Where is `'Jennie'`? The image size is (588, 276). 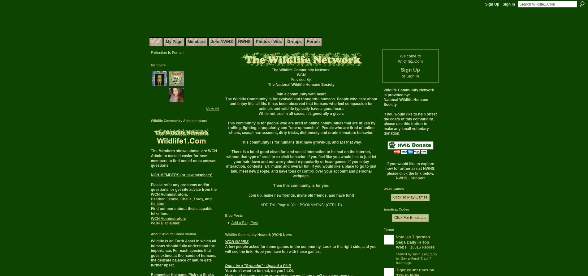
'Jennie' is located at coordinates (172, 199).